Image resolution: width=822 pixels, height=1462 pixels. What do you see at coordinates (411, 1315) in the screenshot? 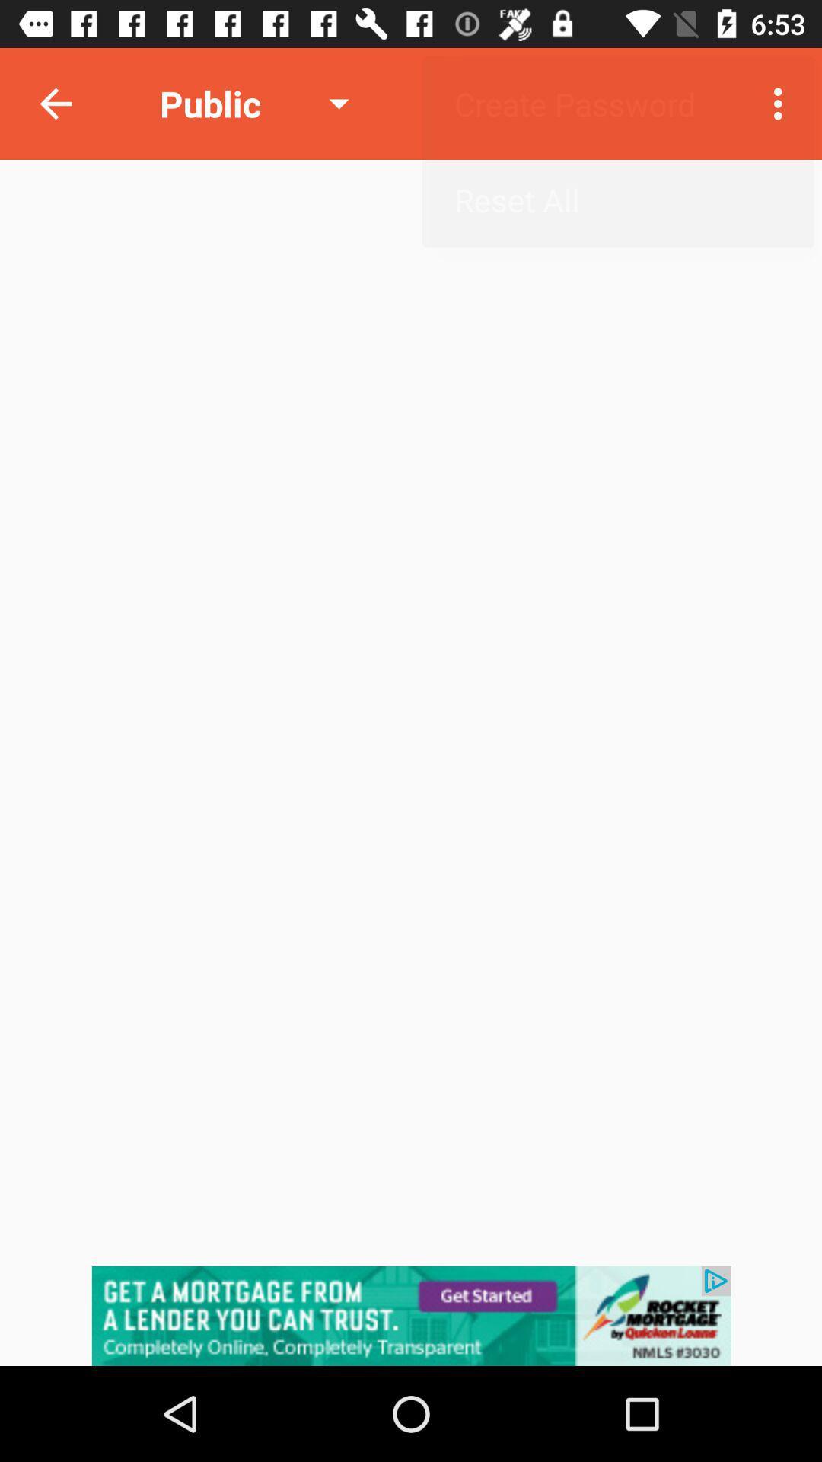
I see `sponsored advertisement` at bounding box center [411, 1315].